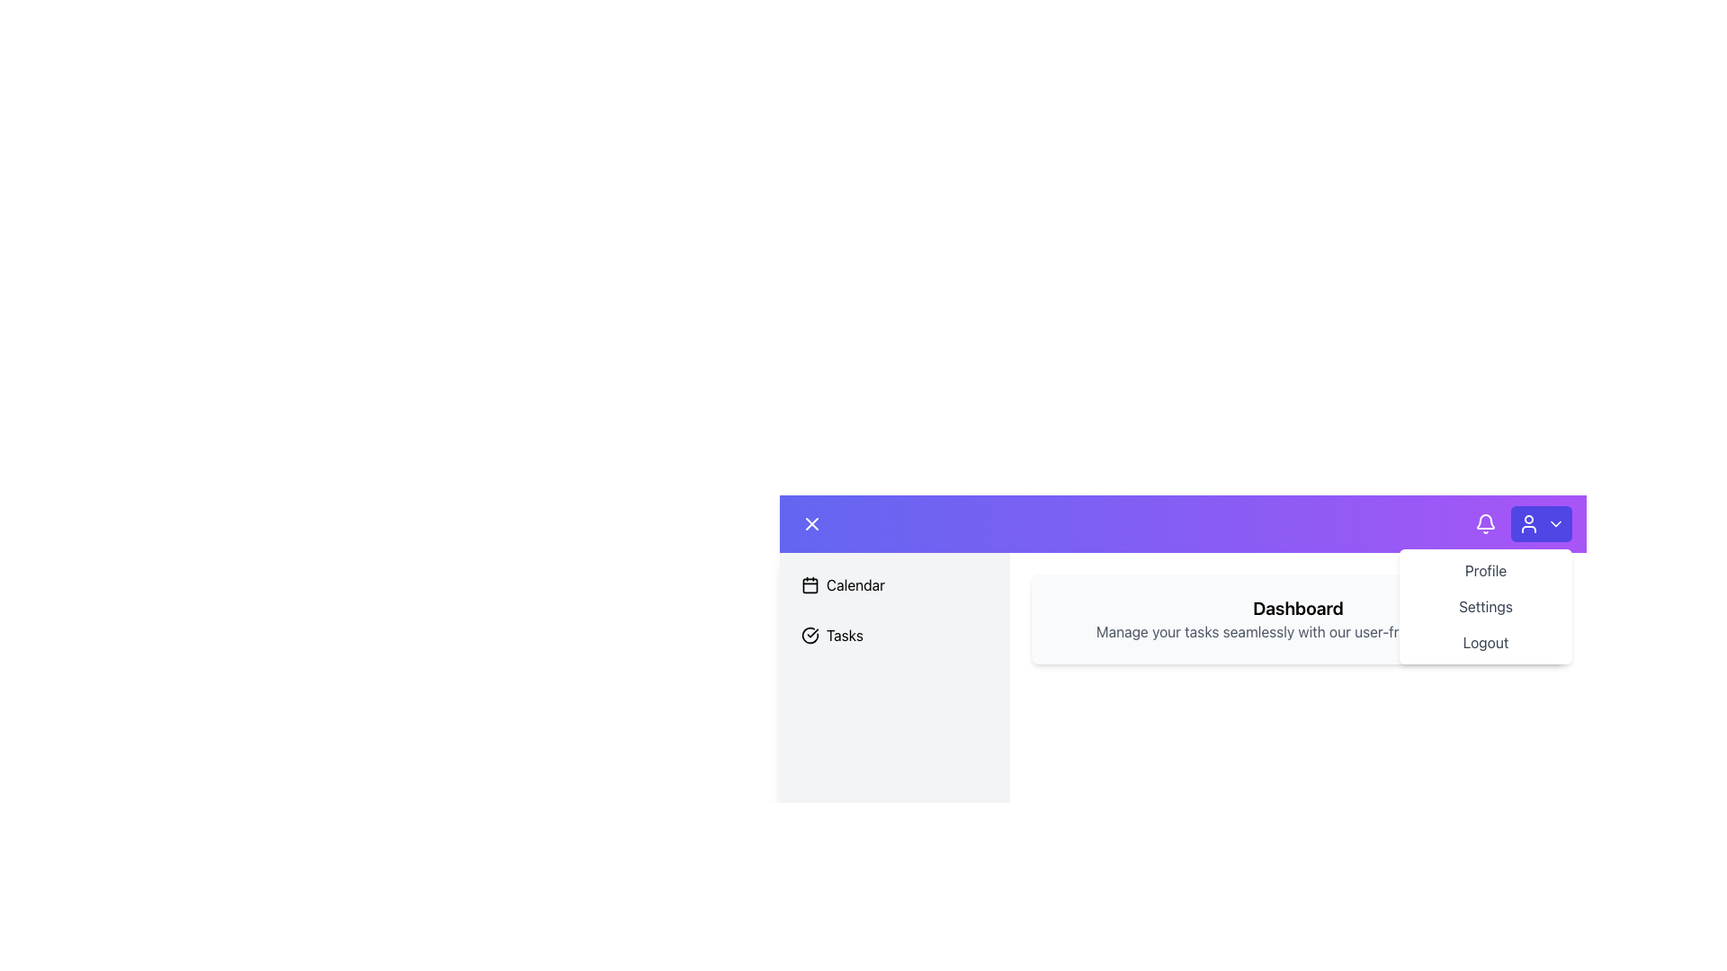 The image size is (1727, 971). What do you see at coordinates (1554, 523) in the screenshot?
I see `the dropdown toggle icon located on the far-right side of the header section, next to the circular user profile icon` at bounding box center [1554, 523].